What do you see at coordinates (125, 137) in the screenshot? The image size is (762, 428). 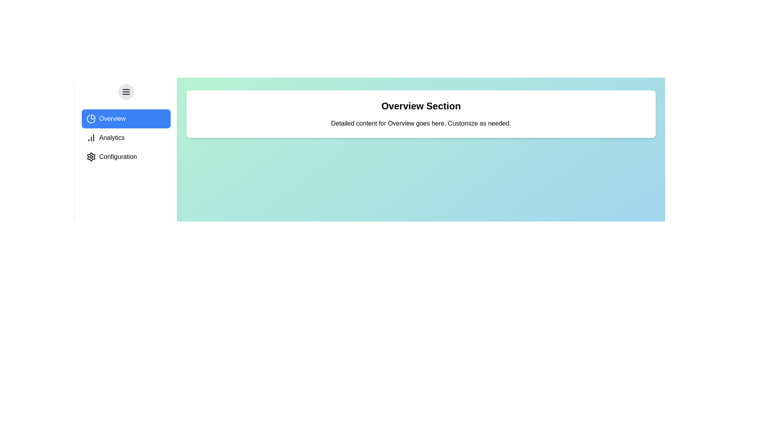 I see `the Analytics section from the sidebar menu` at bounding box center [125, 137].